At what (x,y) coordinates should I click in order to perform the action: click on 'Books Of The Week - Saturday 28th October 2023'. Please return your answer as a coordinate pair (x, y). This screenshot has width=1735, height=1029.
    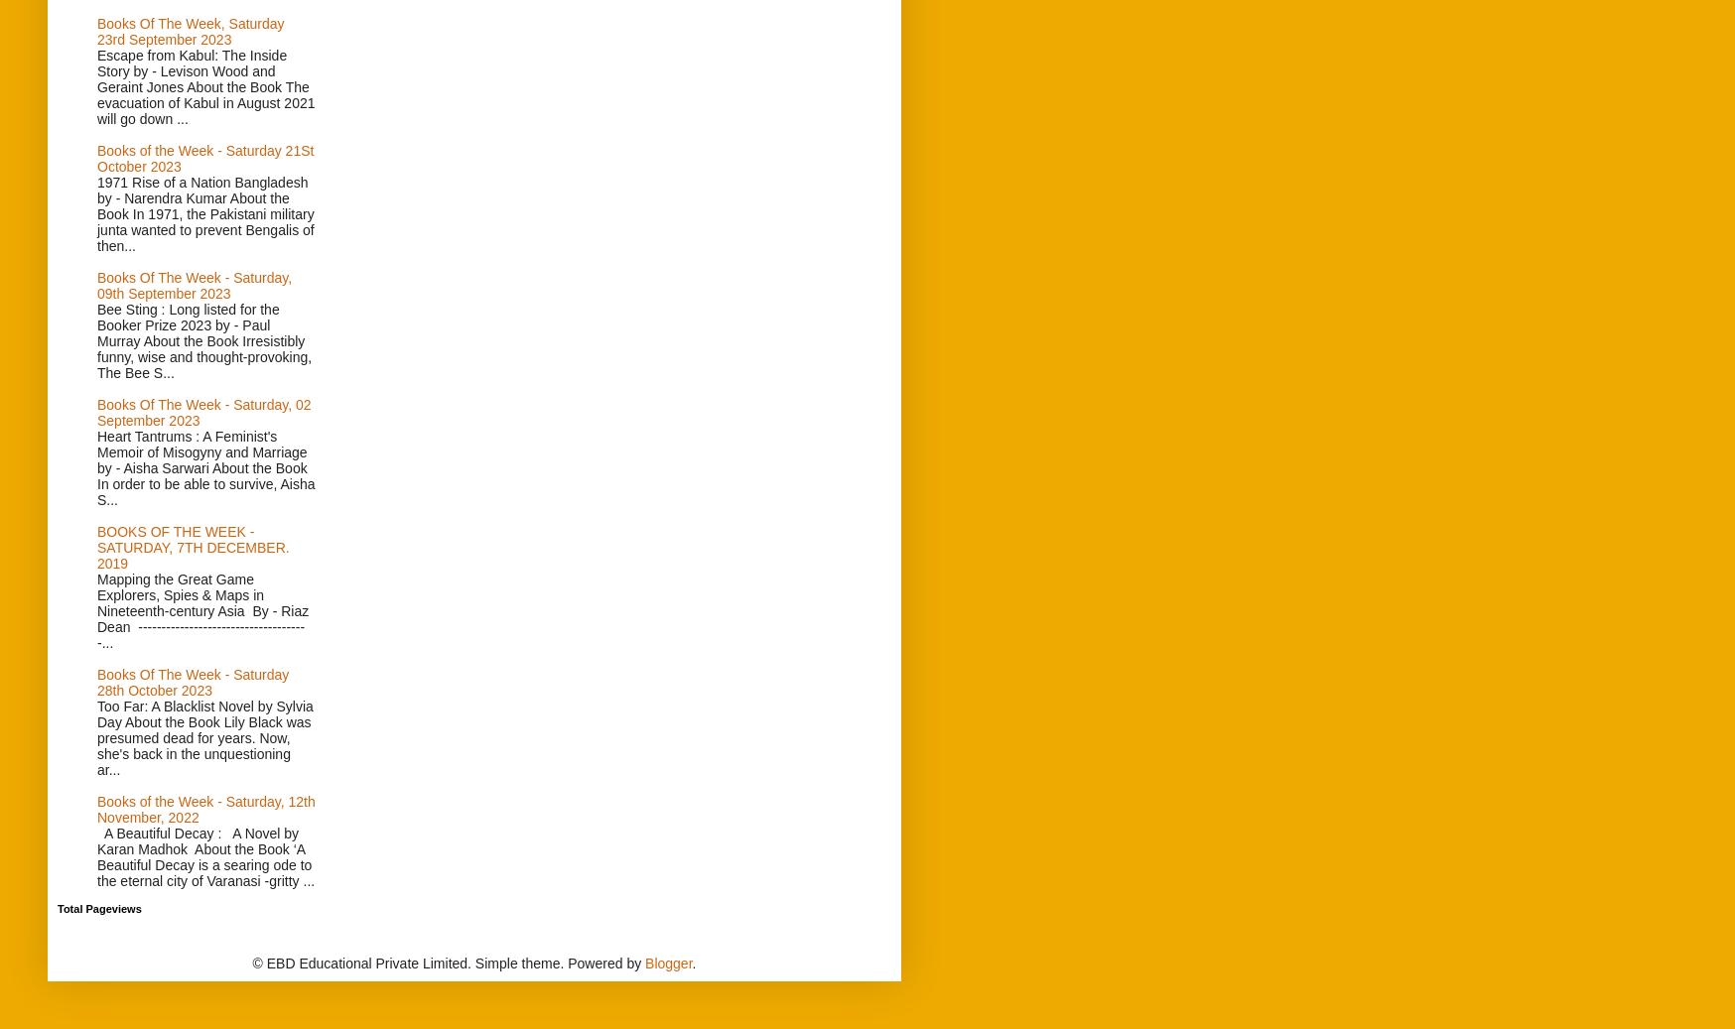
    Looking at the image, I should click on (97, 683).